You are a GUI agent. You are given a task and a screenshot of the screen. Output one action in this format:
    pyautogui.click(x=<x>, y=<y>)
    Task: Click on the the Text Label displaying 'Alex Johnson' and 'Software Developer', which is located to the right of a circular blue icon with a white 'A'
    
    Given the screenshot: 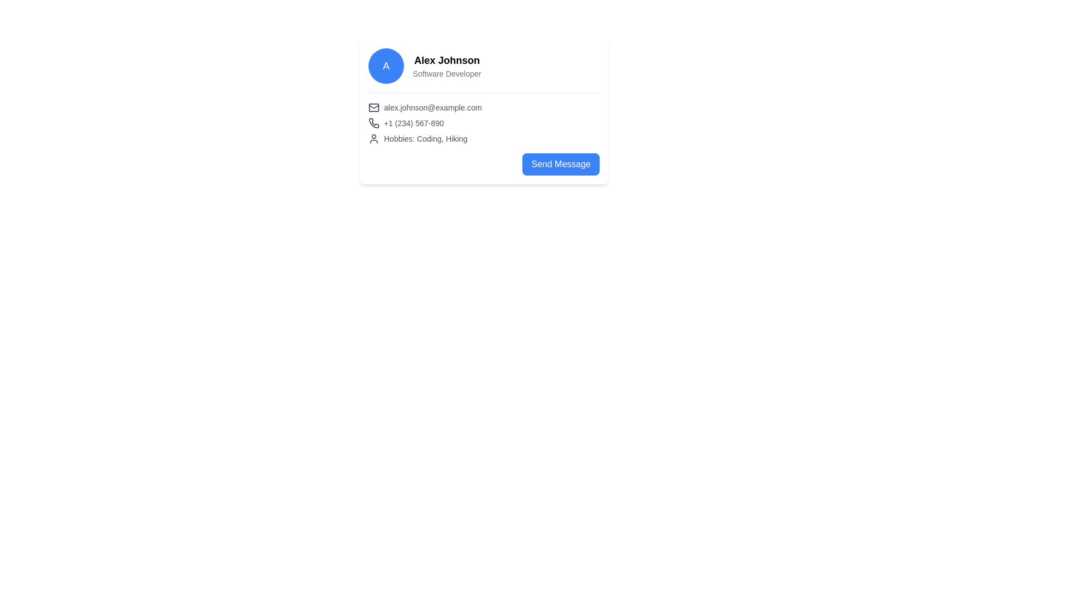 What is the action you would take?
    pyautogui.click(x=447, y=66)
    